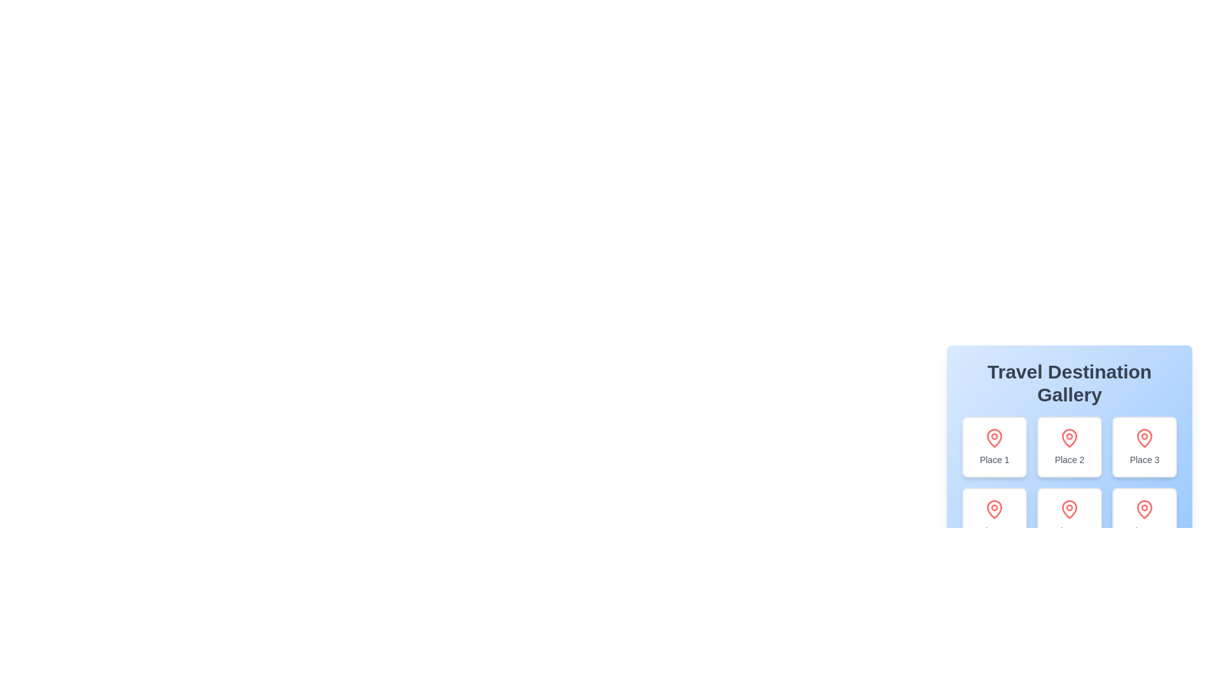 The height and width of the screenshot is (687, 1221). I want to click on the geographical location icon at the top of the 'Place 1' card in the grid, so click(994, 438).